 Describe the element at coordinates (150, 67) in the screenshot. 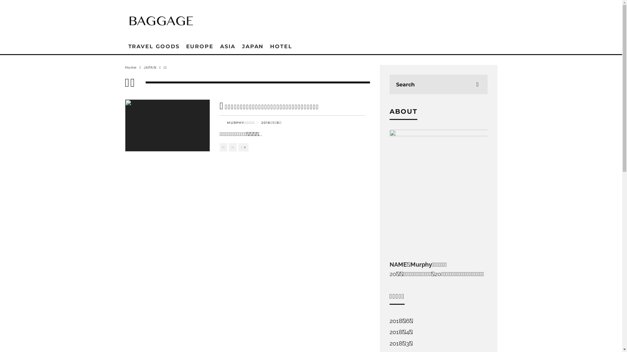

I see `'JAPAN'` at that location.